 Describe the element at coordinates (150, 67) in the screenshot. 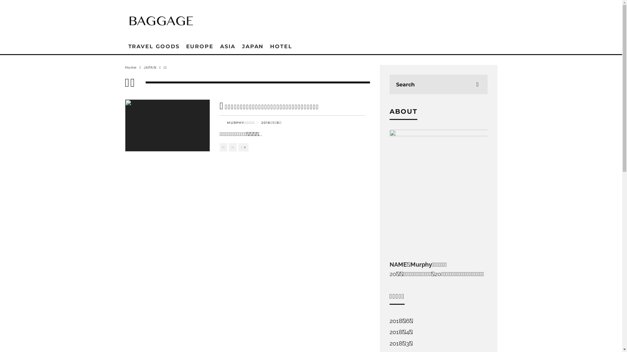

I see `'JAPAN'` at that location.